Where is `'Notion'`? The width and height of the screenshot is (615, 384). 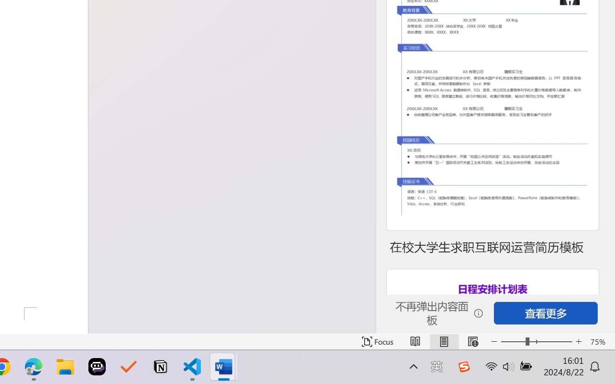 'Notion' is located at coordinates (160, 367).